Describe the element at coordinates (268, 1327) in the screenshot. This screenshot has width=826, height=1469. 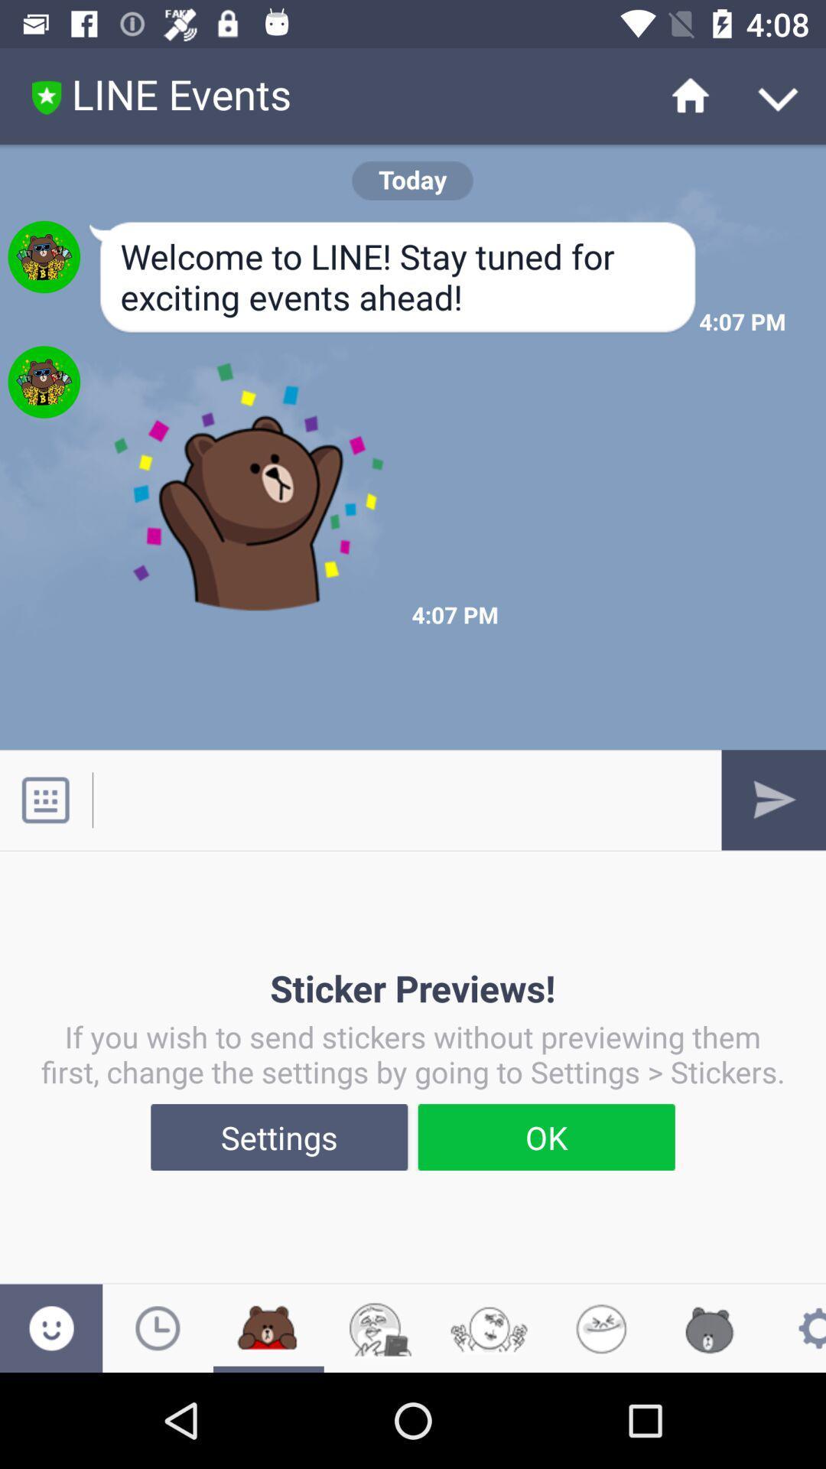
I see `the date_range icon` at that location.